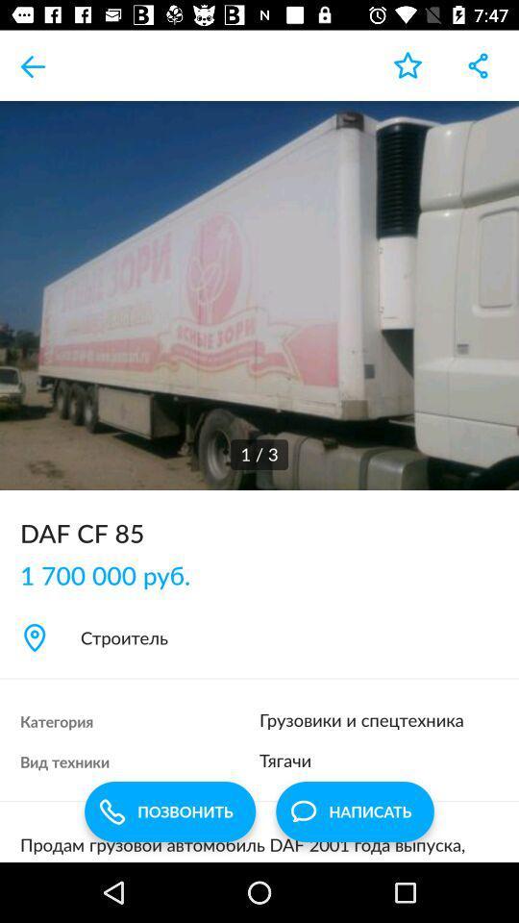 The height and width of the screenshot is (923, 519). I want to click on the icon above 1 700 000 item, so click(259, 533).